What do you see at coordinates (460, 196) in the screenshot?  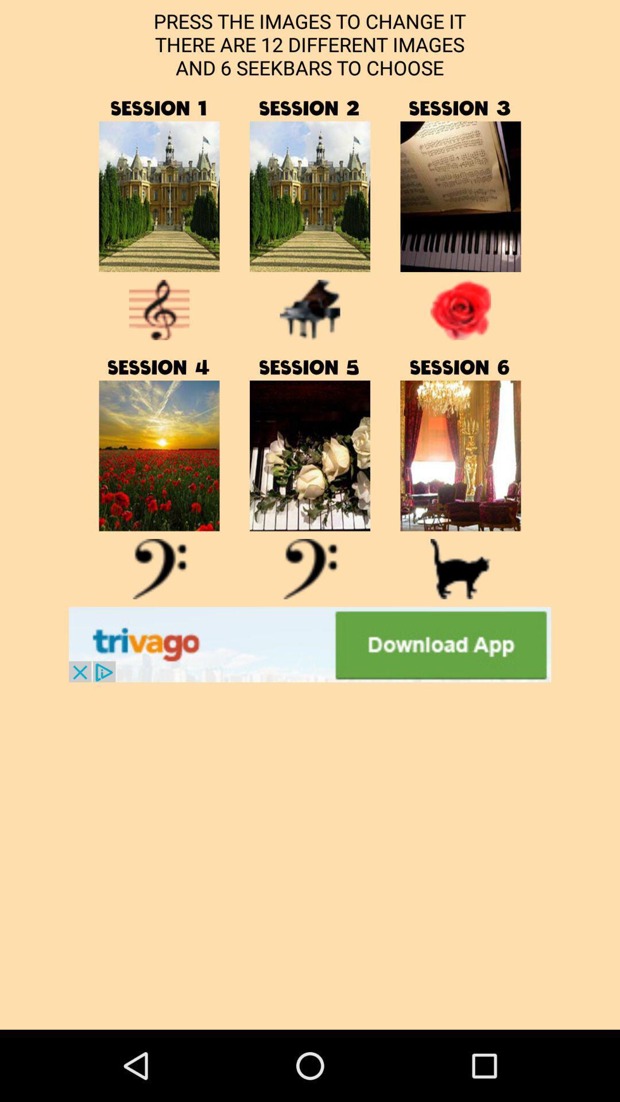 I see `session 3` at bounding box center [460, 196].